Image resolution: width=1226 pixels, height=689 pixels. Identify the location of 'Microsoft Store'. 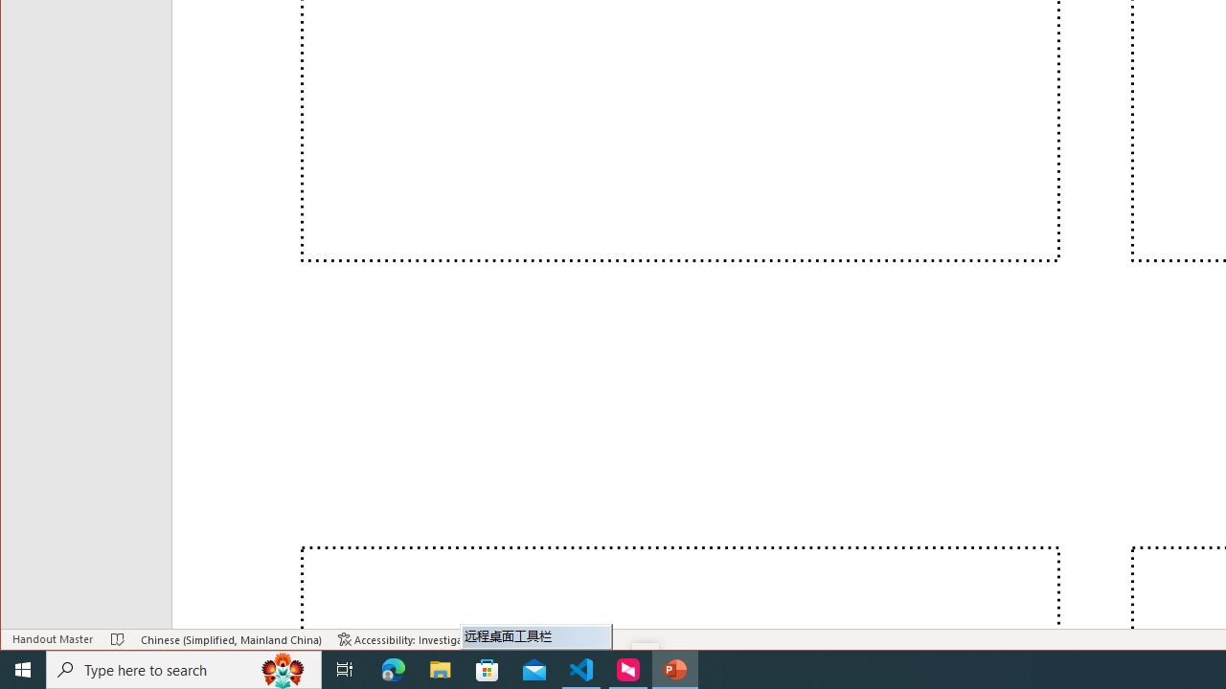
(488, 668).